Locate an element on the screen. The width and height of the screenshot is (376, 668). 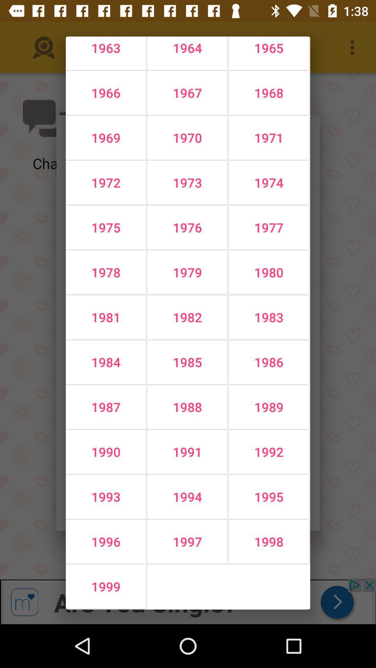
the icon above the 1993 is located at coordinates (187, 452).